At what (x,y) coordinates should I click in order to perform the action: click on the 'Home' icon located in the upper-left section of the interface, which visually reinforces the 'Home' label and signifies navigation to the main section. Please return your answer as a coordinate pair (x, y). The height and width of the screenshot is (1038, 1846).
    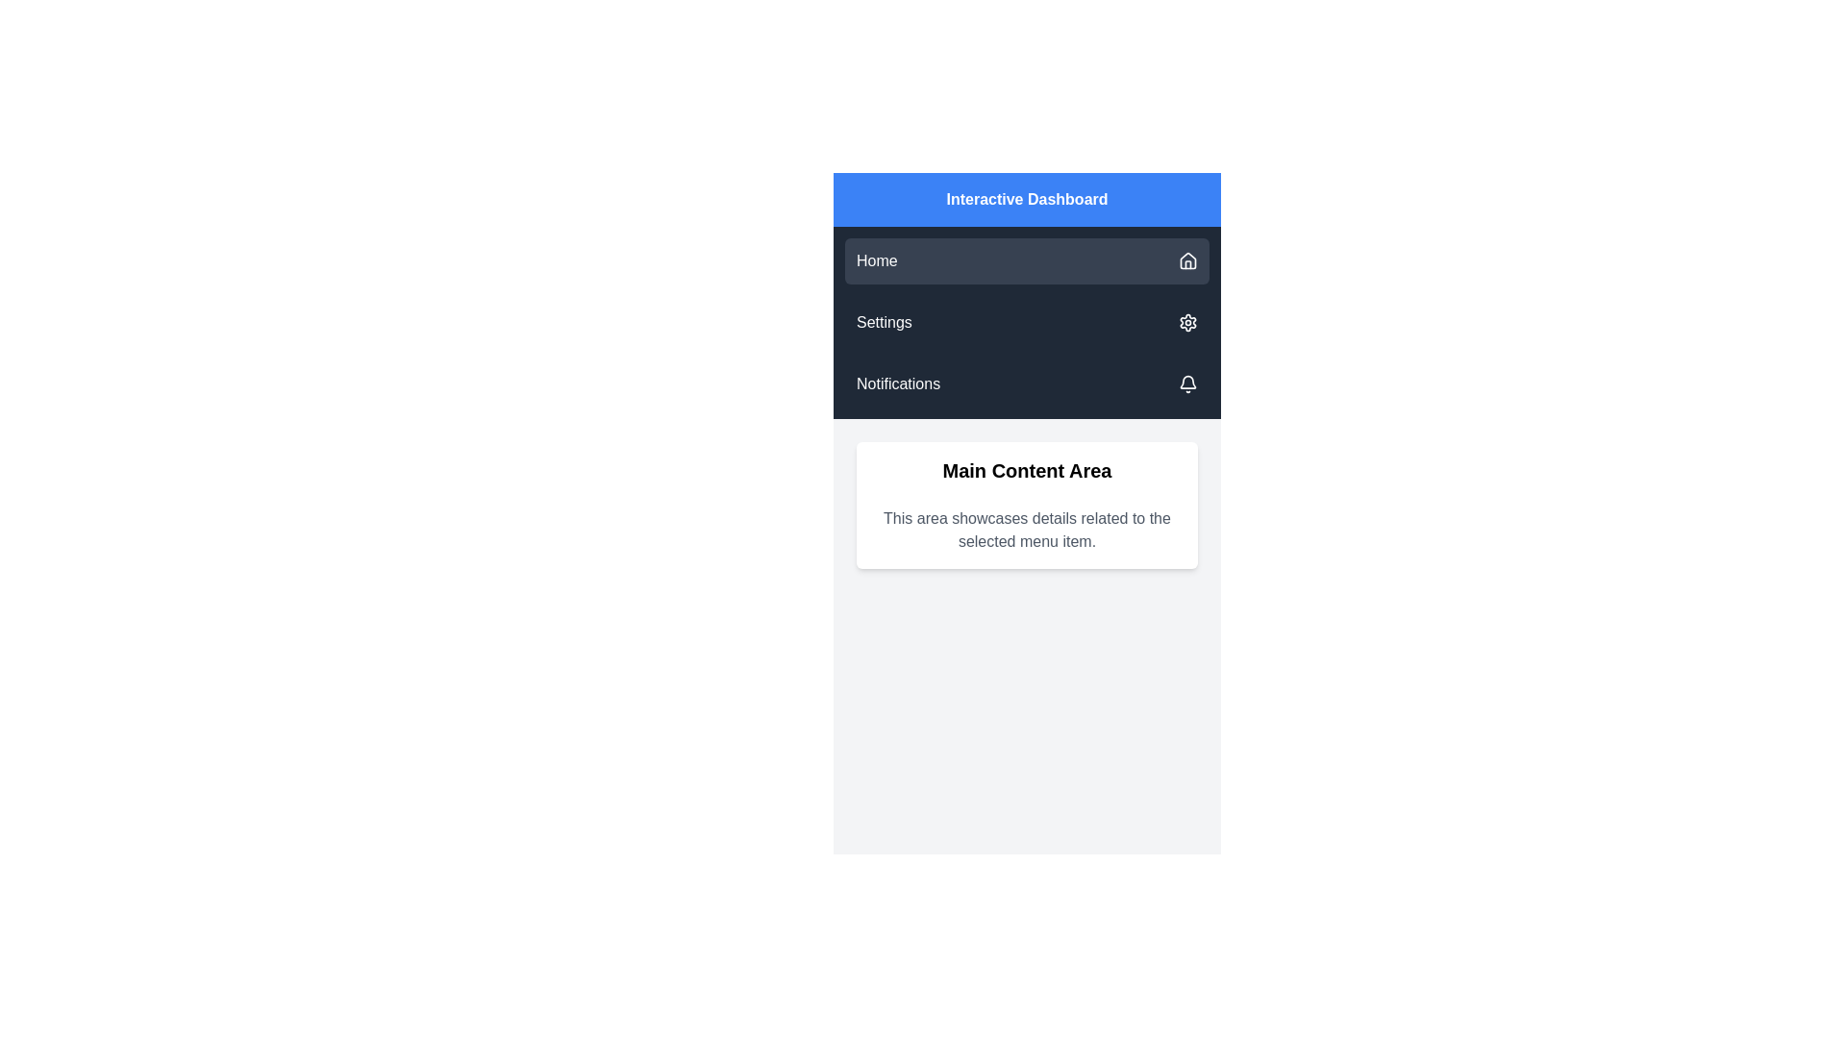
    Looking at the image, I should click on (1187, 261).